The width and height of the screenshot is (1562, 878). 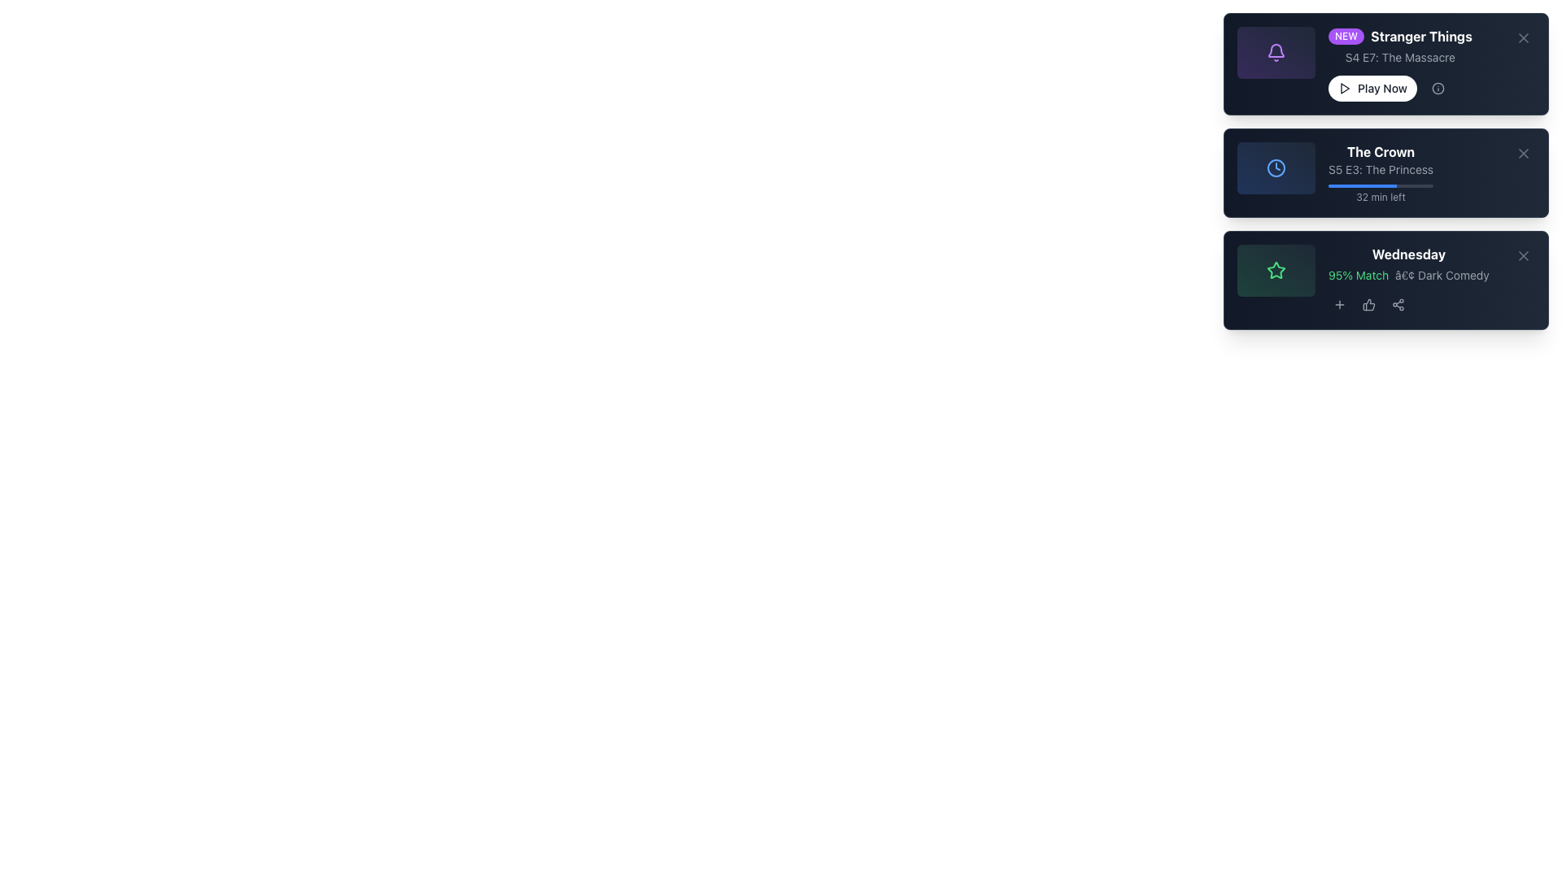 I want to click on the bold textual label reading 'Stranger Things' with a highlighted 'NEW' tag, styled with a purple background and white text, located at the top of the first card in the vertical stack, so click(x=1399, y=37).